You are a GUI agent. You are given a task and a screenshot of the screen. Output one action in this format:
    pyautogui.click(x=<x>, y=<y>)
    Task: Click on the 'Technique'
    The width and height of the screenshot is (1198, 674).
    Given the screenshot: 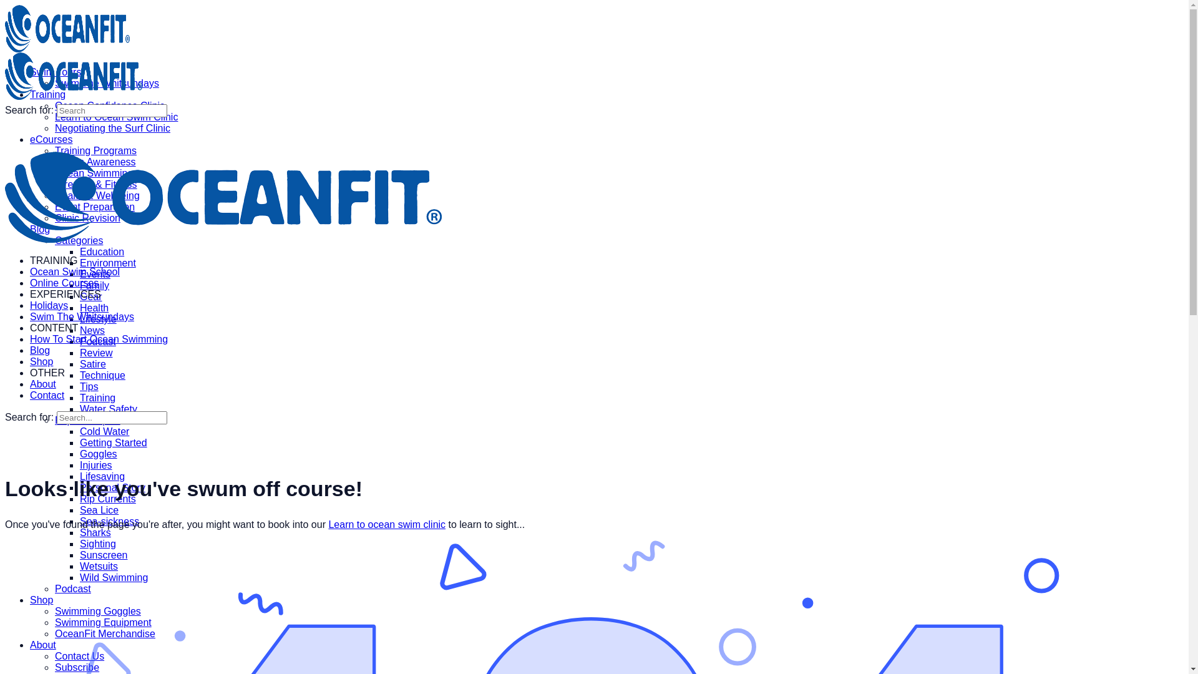 What is the action you would take?
    pyautogui.click(x=102, y=374)
    